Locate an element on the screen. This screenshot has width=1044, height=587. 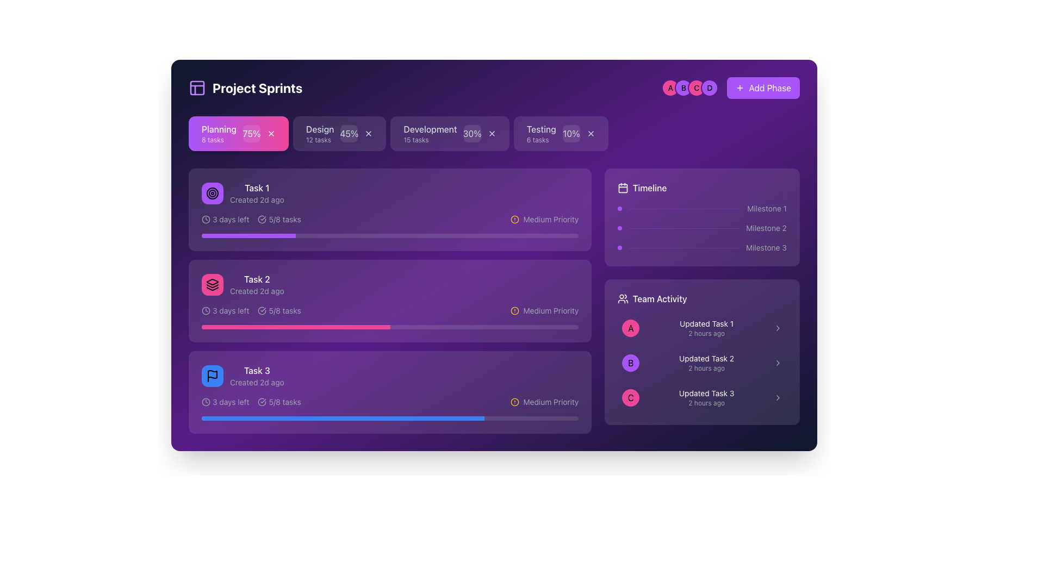
the SVG circle element is located at coordinates (514, 402).